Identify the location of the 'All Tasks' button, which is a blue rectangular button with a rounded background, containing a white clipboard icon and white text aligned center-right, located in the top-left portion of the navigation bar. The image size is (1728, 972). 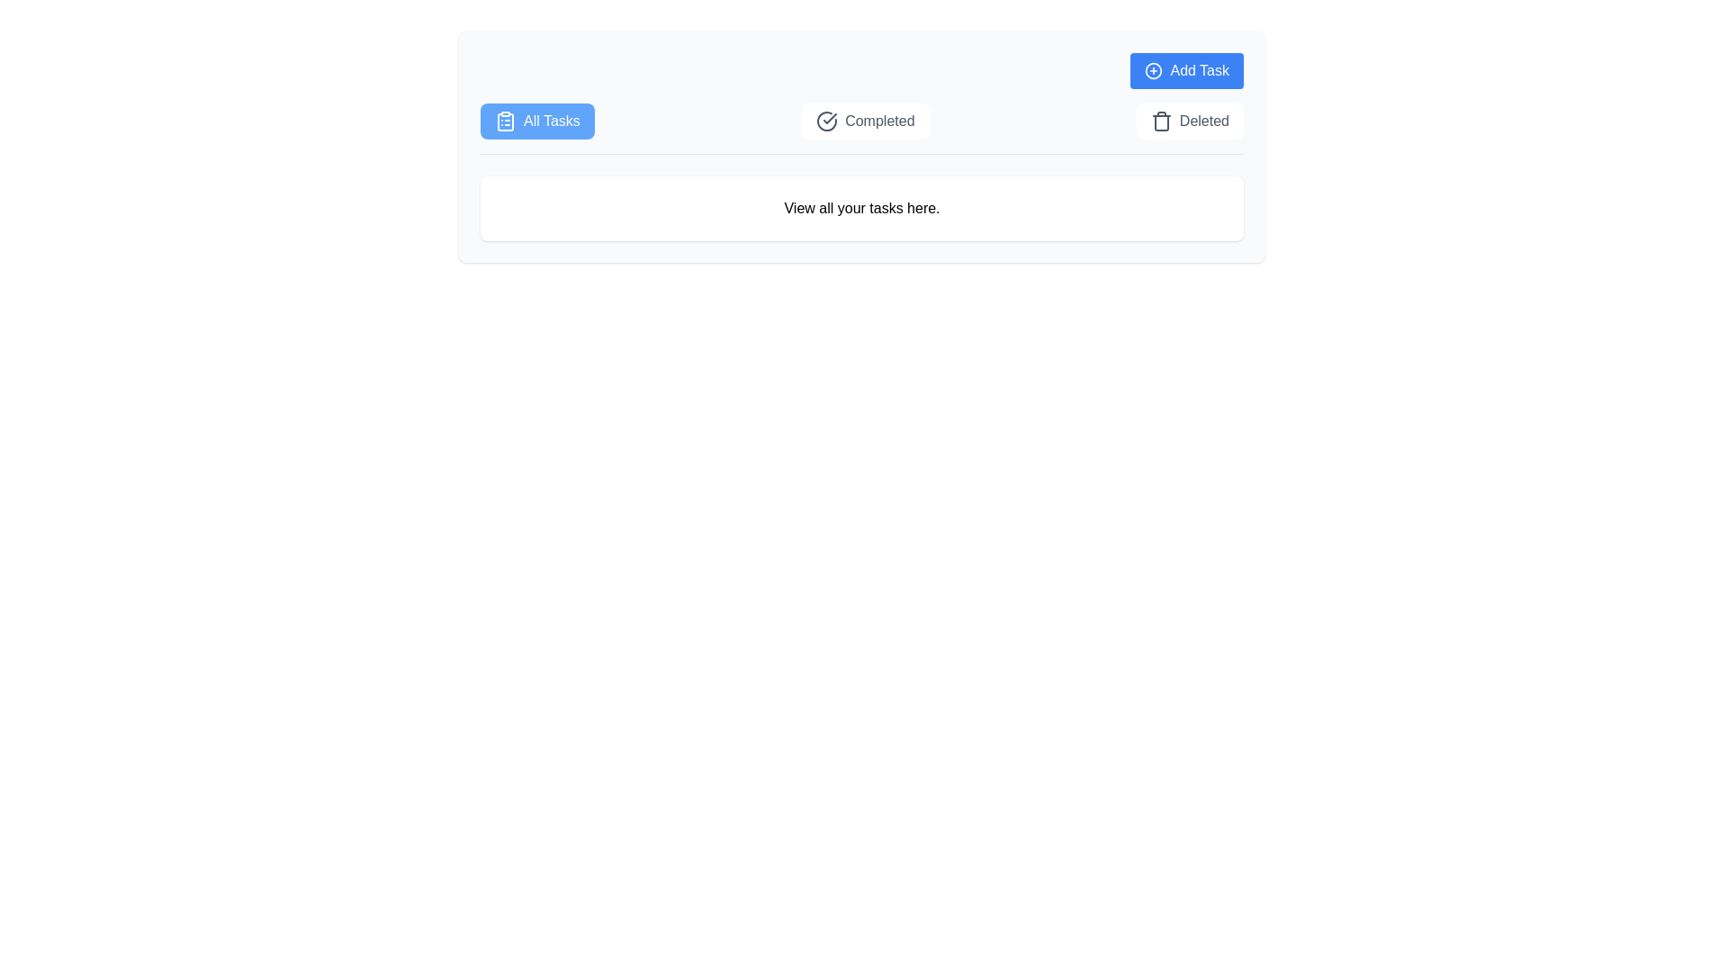
(536, 121).